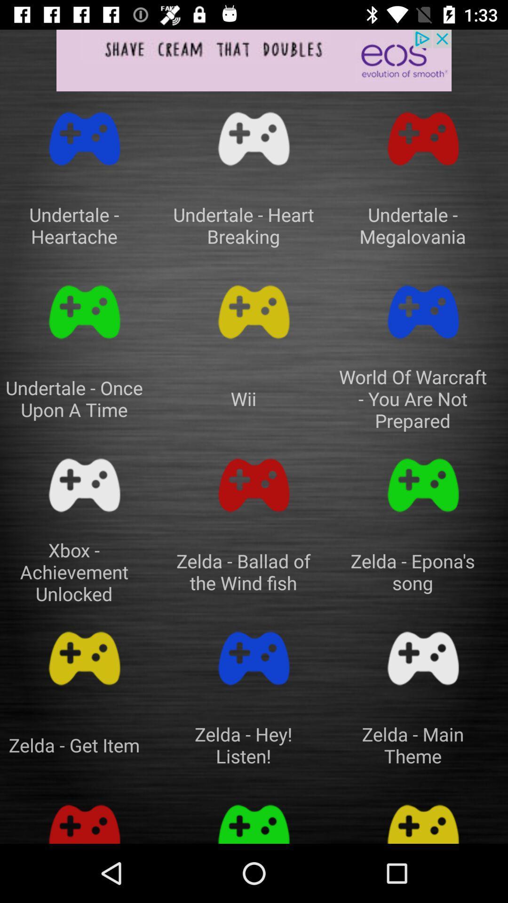 The image size is (508, 903). What do you see at coordinates (422, 818) in the screenshot?
I see `option` at bounding box center [422, 818].